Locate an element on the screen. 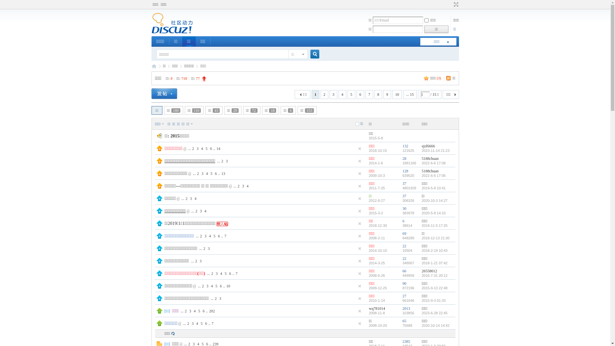  '14' is located at coordinates (215, 148).